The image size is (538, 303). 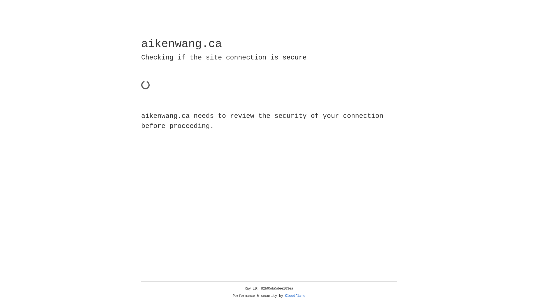 I want to click on 'Cloudflare', so click(x=295, y=296).